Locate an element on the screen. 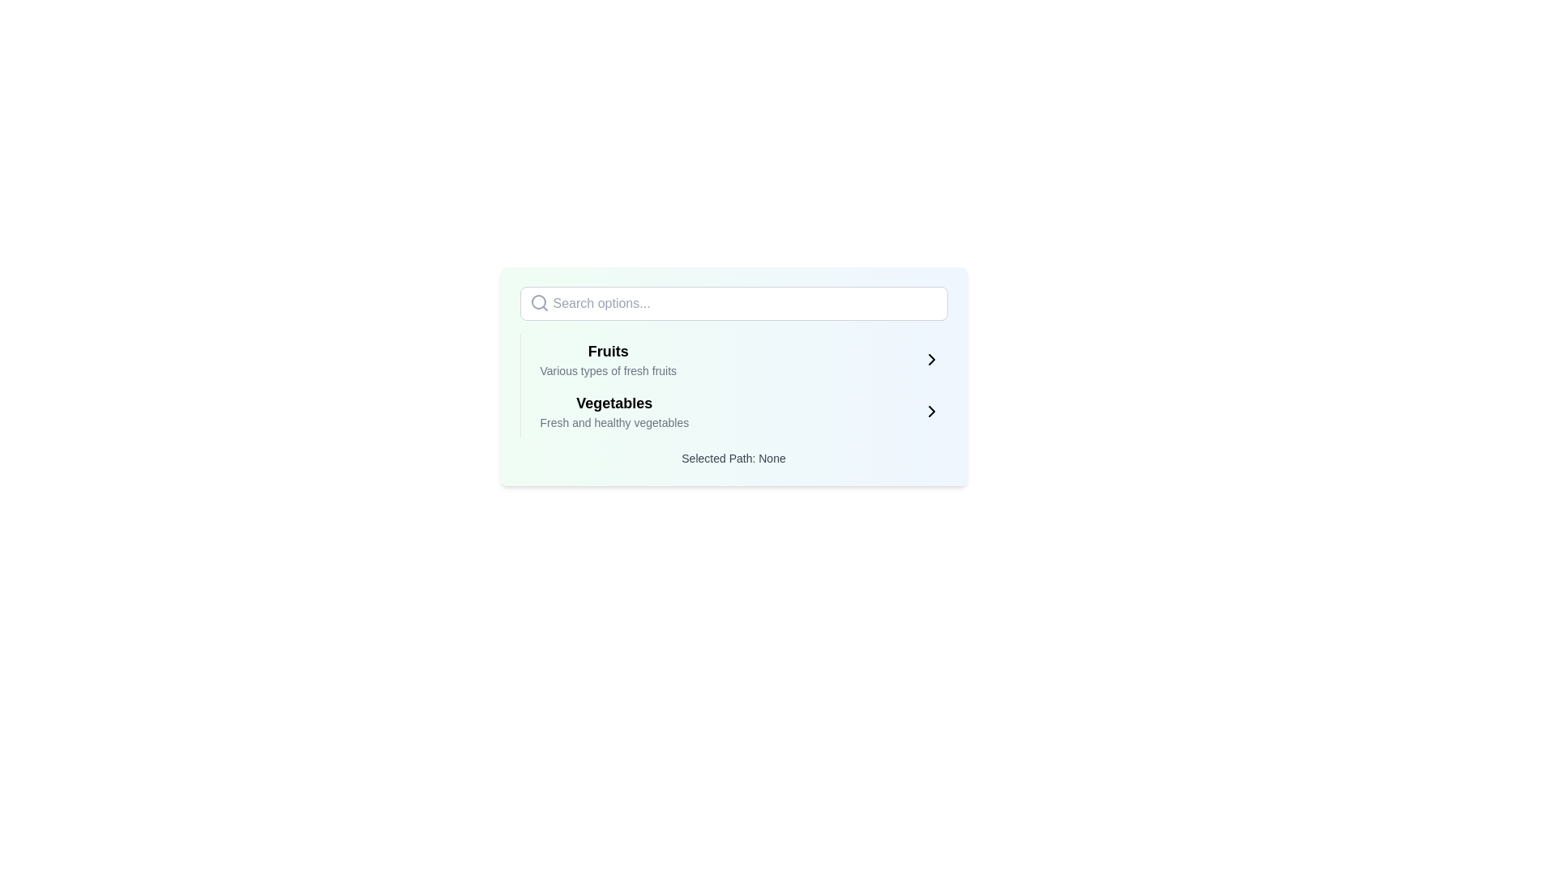 Image resolution: width=1556 pixels, height=875 pixels. the right-pointing chevron icon styled as a button located on the far right side of the 'Vegetables' row is located at coordinates (931, 411).